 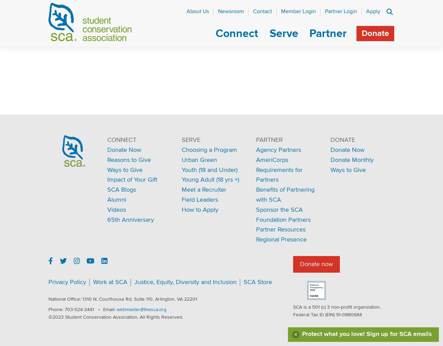 I want to click on 'Apply', so click(x=373, y=11).